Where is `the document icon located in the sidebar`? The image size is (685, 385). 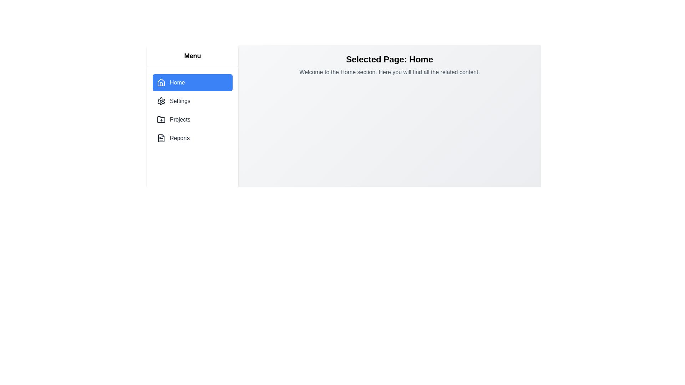 the document icon located in the sidebar is located at coordinates (161, 138).